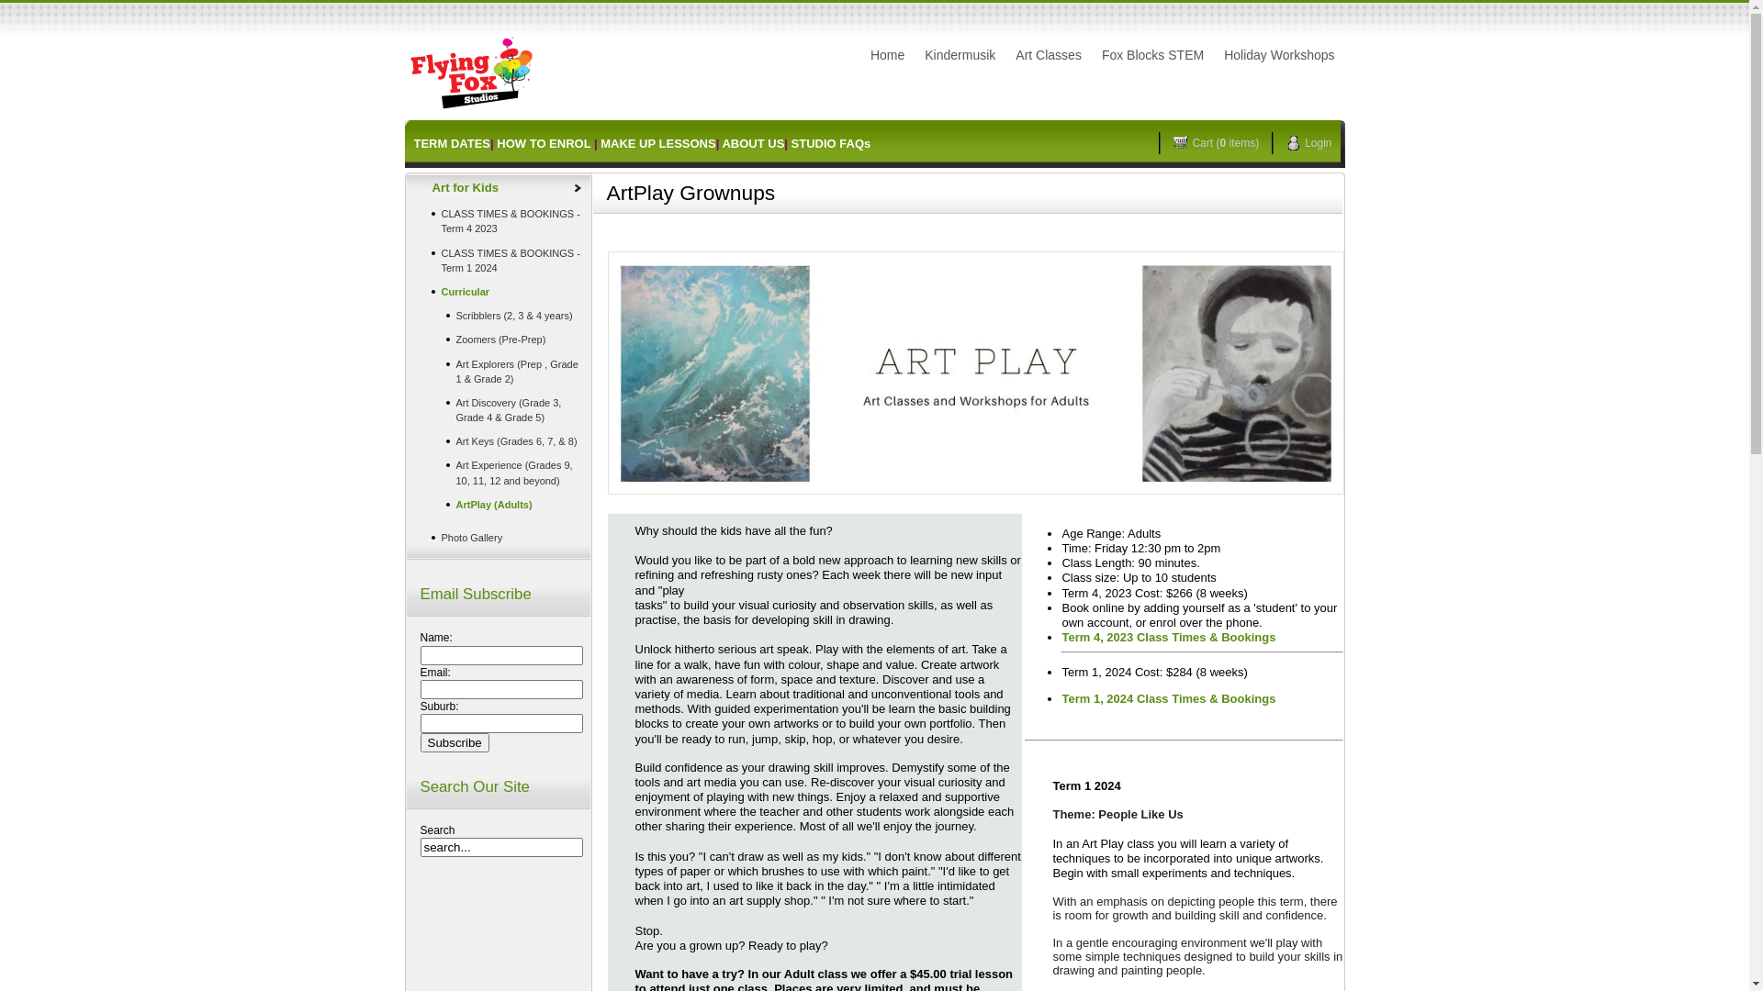 This screenshot has width=1763, height=991. What do you see at coordinates (1314, 141) in the screenshot?
I see `'Login'` at bounding box center [1314, 141].